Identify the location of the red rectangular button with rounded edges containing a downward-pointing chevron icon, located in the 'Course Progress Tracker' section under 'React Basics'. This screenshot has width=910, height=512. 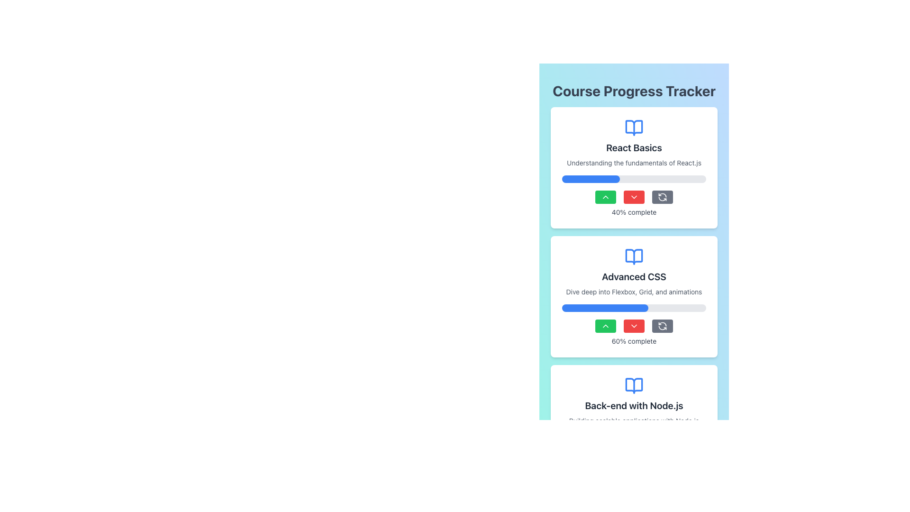
(634, 197).